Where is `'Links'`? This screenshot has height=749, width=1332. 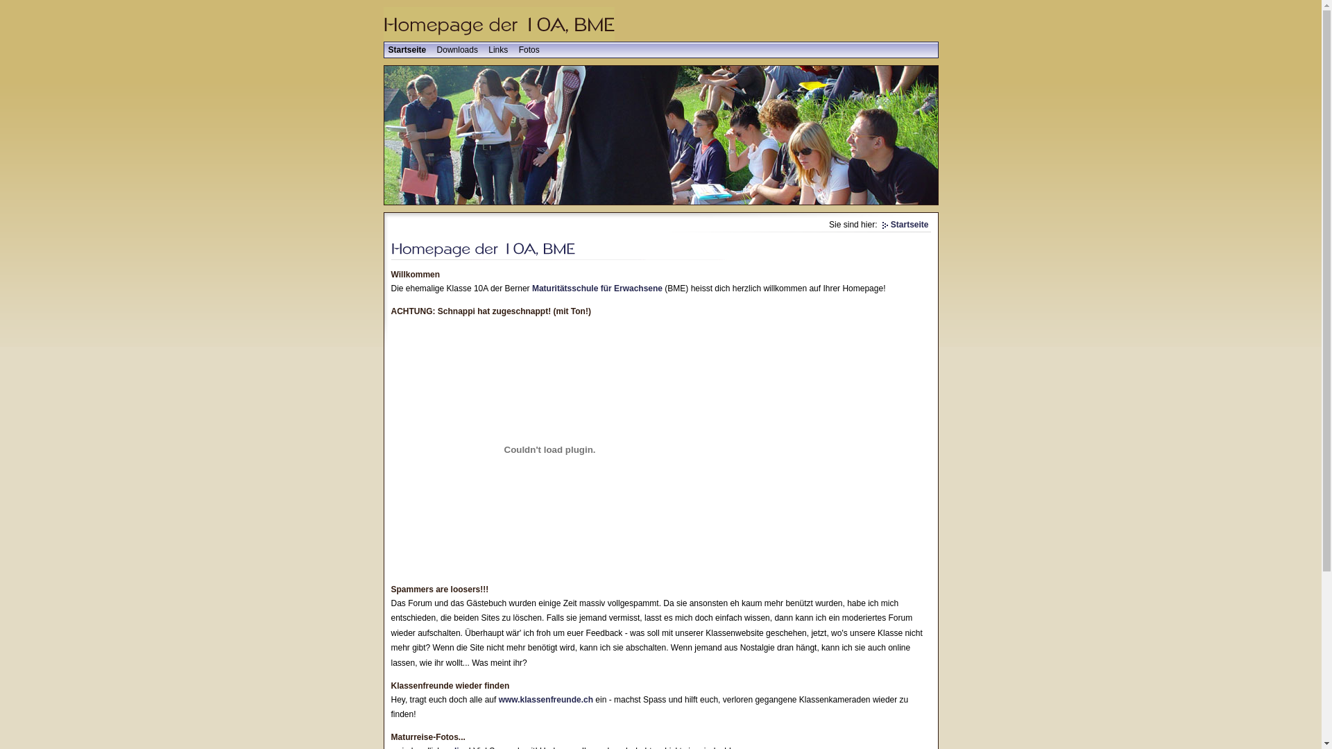
'Links' is located at coordinates (498, 49).